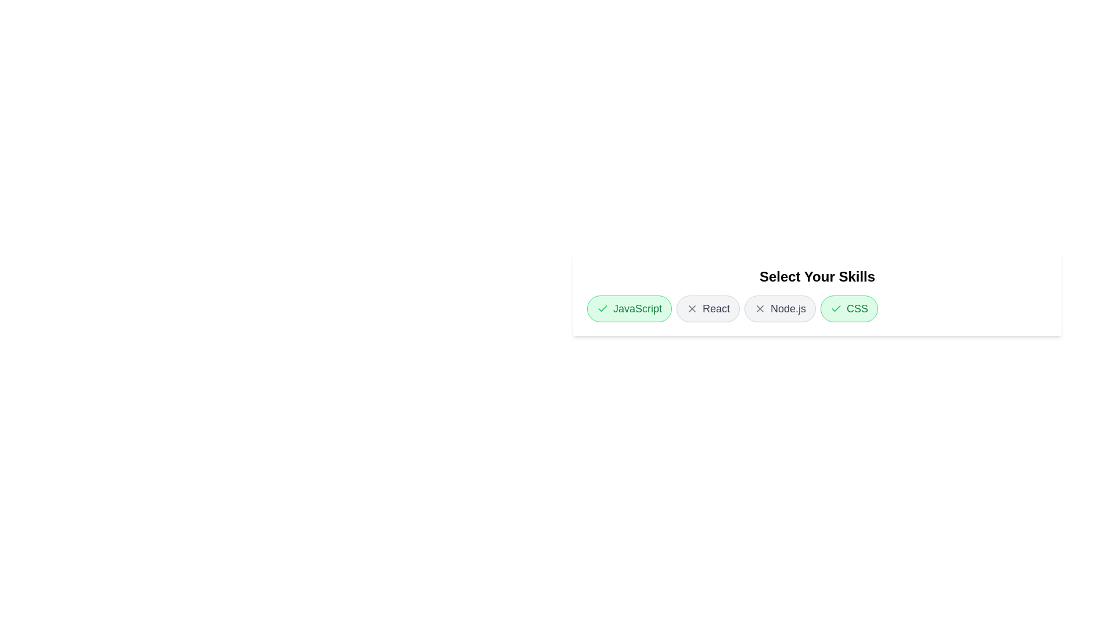 The height and width of the screenshot is (627, 1115). What do you see at coordinates (780, 308) in the screenshot?
I see `the skill chip labeled Node.js` at bounding box center [780, 308].